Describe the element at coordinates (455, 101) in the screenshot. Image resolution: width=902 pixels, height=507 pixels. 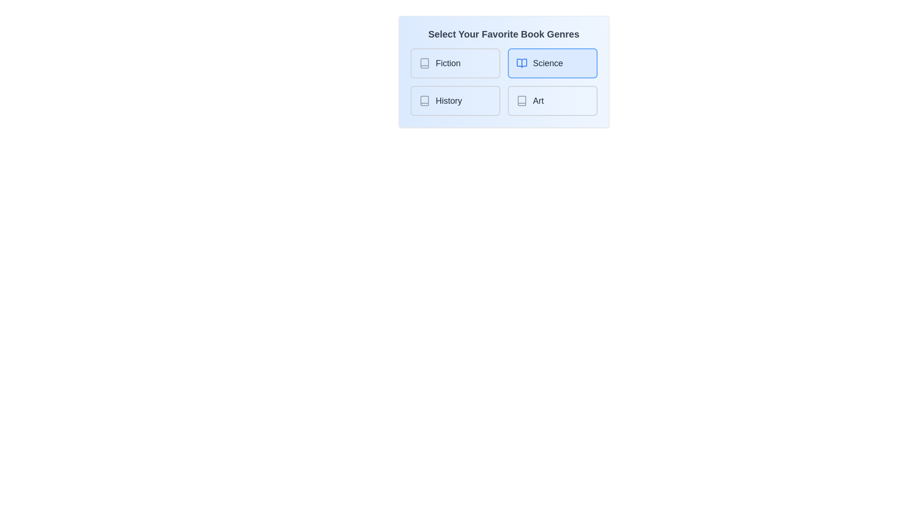
I see `the selection state of the genre History` at that location.